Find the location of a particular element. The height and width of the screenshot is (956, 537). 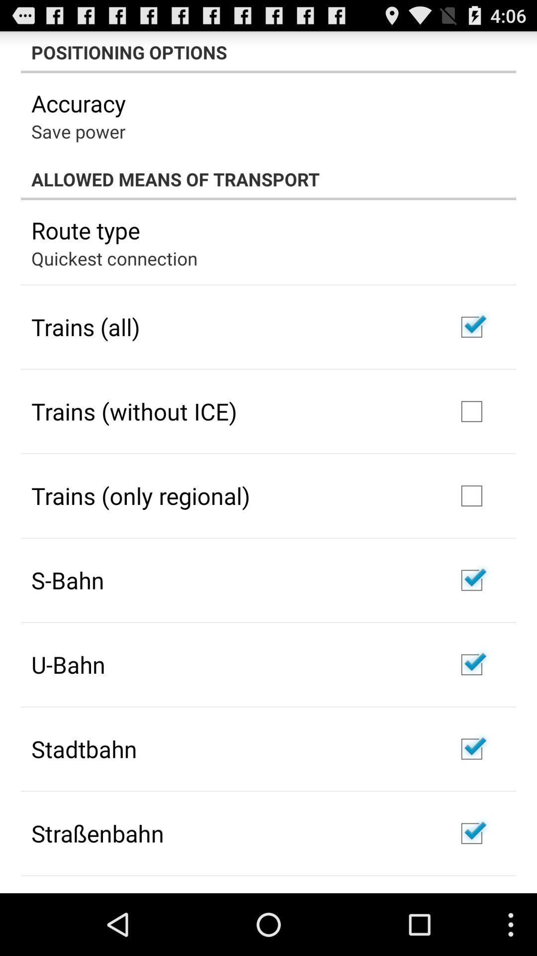

s-bahn item is located at coordinates (67, 580).